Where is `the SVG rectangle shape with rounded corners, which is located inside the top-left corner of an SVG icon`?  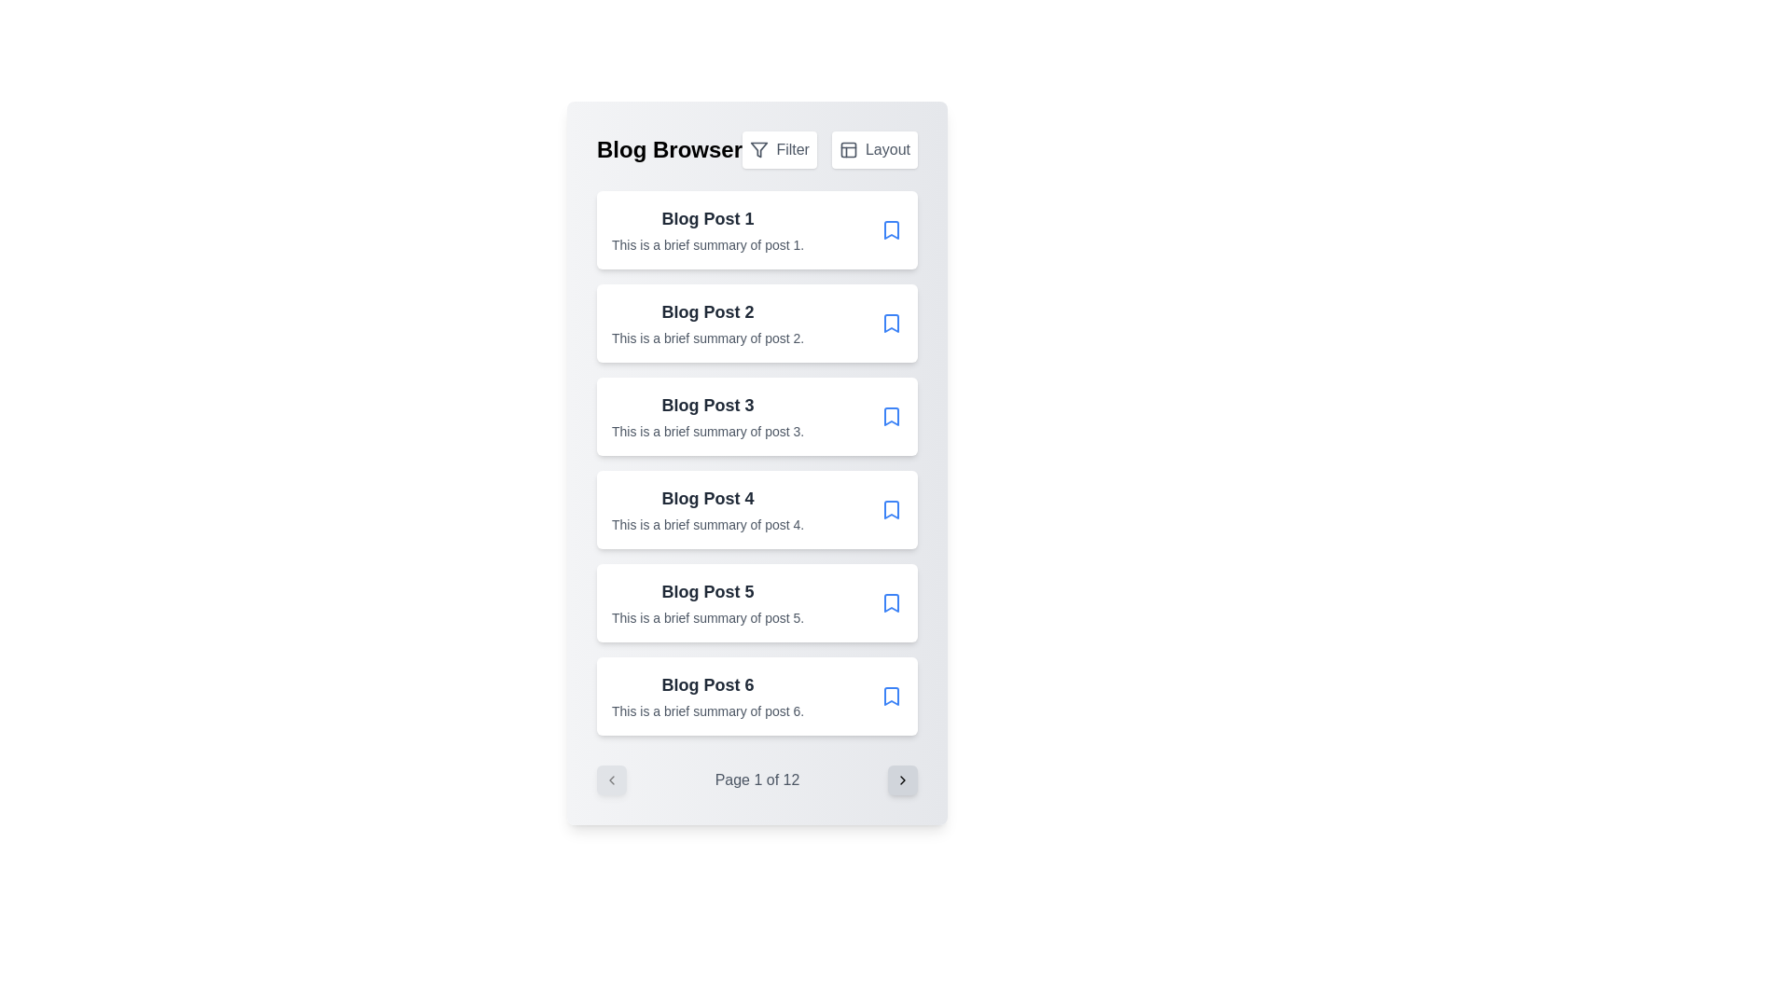 the SVG rectangle shape with rounded corners, which is located inside the top-left corner of an SVG icon is located at coordinates (847, 149).